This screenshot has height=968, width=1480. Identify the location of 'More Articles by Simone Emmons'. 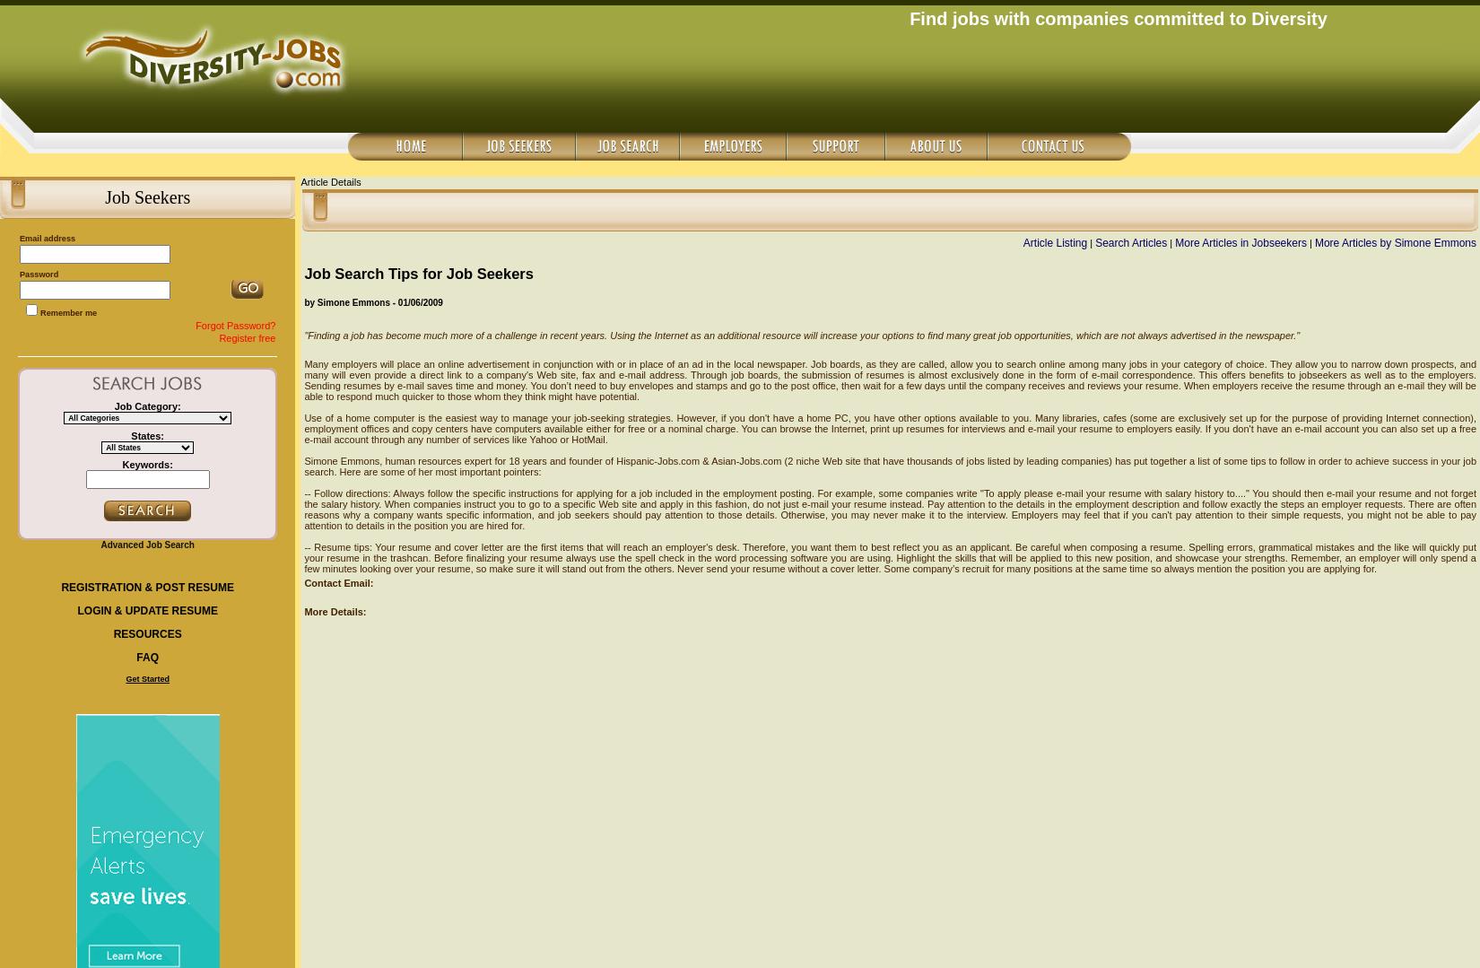
(1313, 243).